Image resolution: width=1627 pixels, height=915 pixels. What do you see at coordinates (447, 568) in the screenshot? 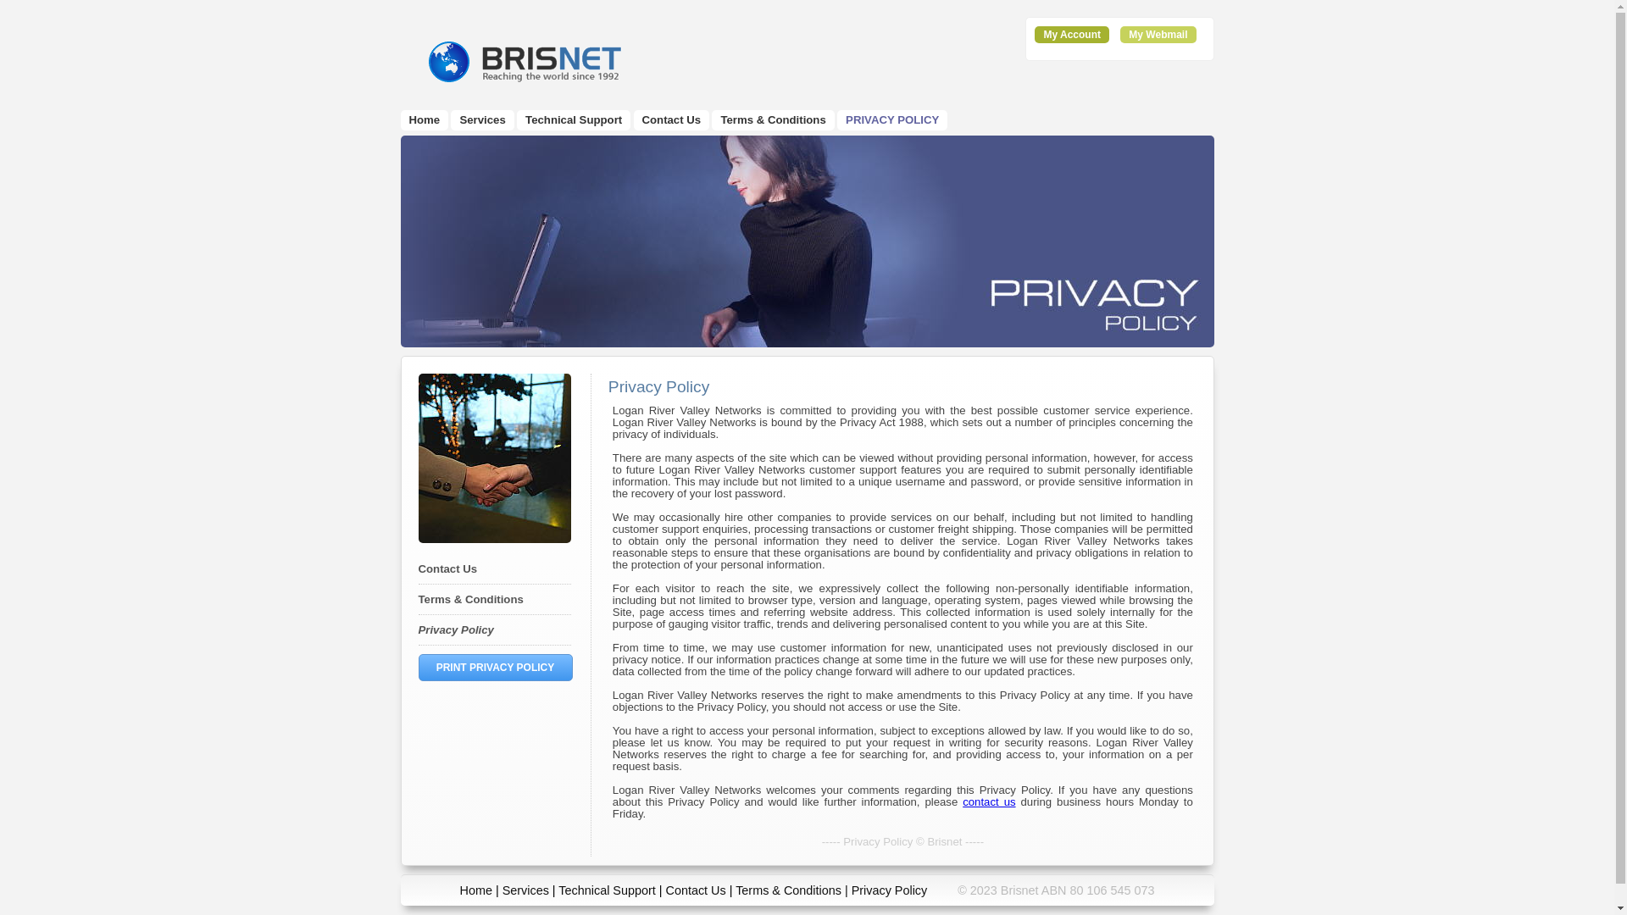
I see `'Contact Us'` at bounding box center [447, 568].